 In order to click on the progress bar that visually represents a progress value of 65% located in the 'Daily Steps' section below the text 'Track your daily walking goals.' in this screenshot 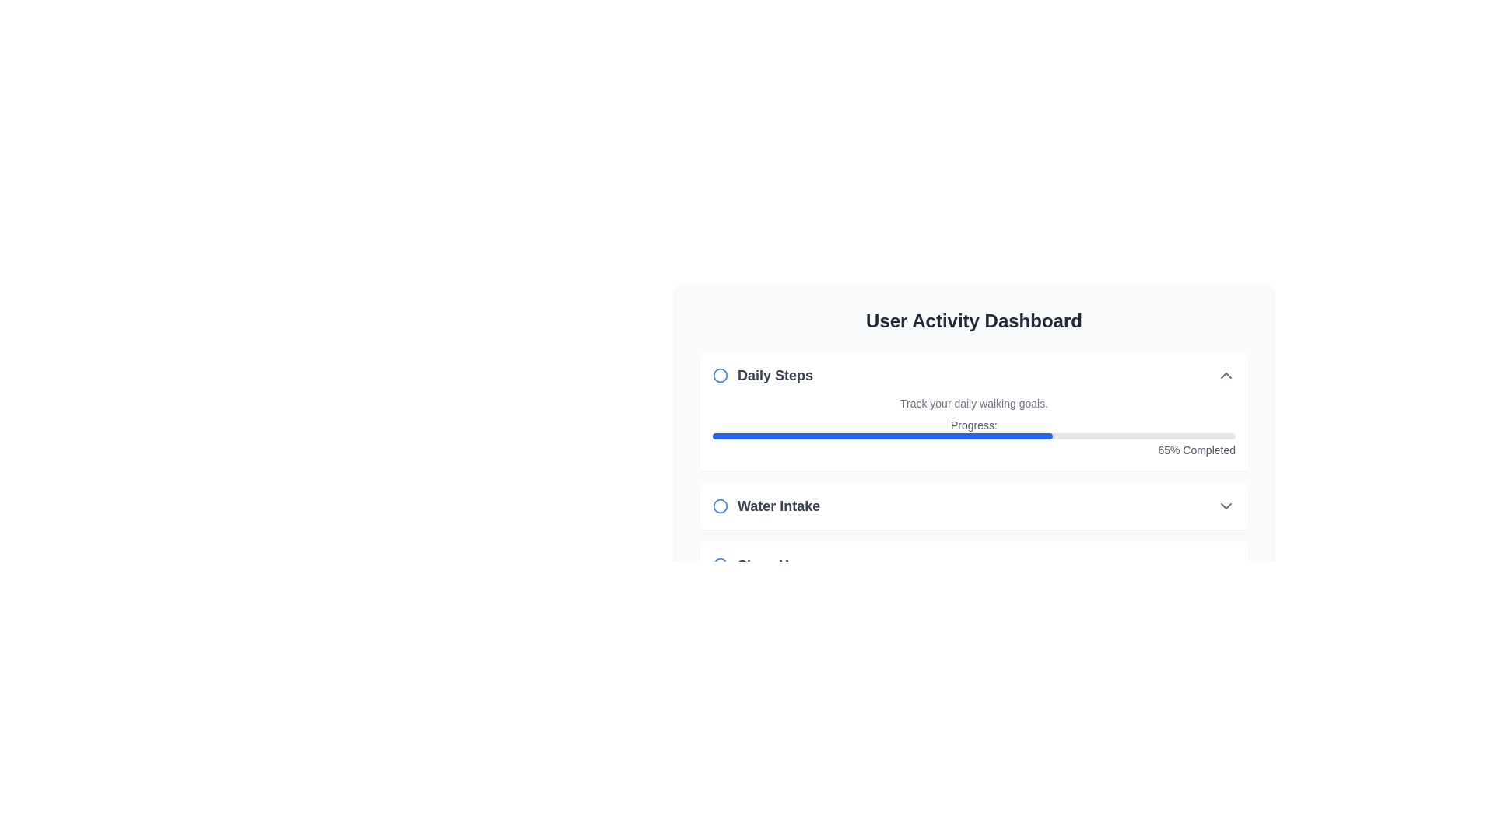, I will do `click(973, 438)`.